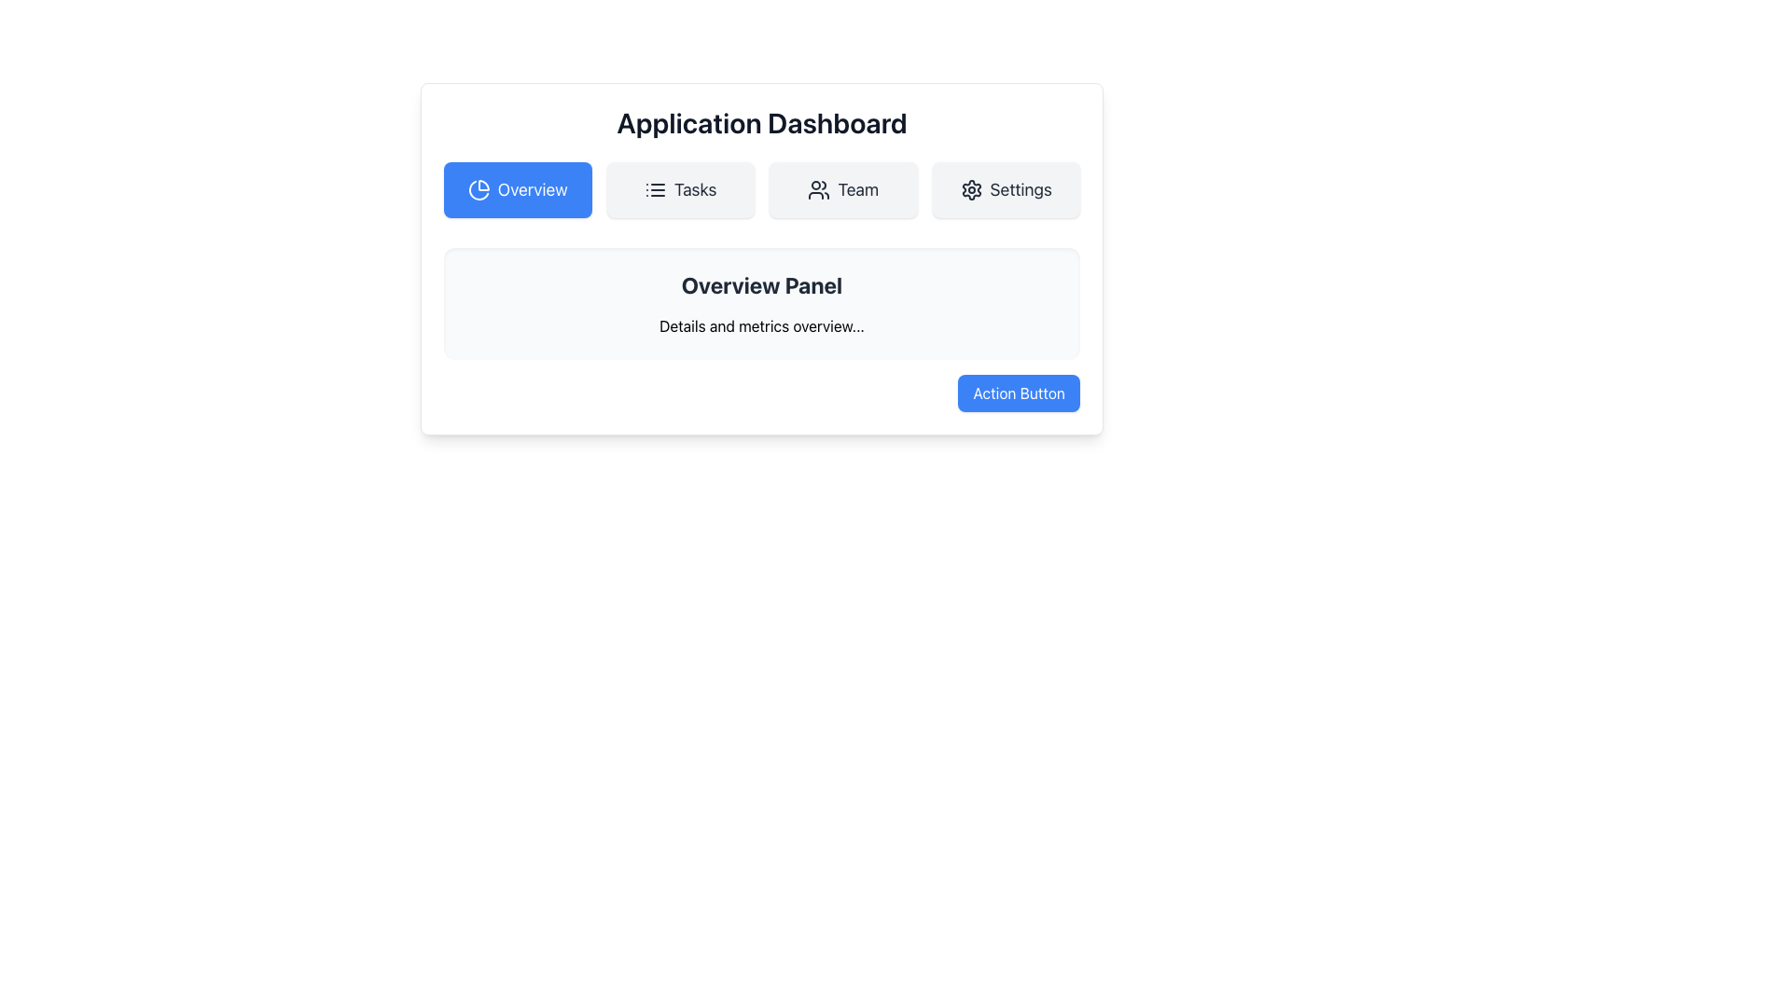 This screenshot has height=1007, width=1791. Describe the element at coordinates (479, 190) in the screenshot. I see `the 'Overview' icon (SVG element) which visually represents the 'Overview' functionality, located centrally within the button to the left of the text 'Overview'` at that location.